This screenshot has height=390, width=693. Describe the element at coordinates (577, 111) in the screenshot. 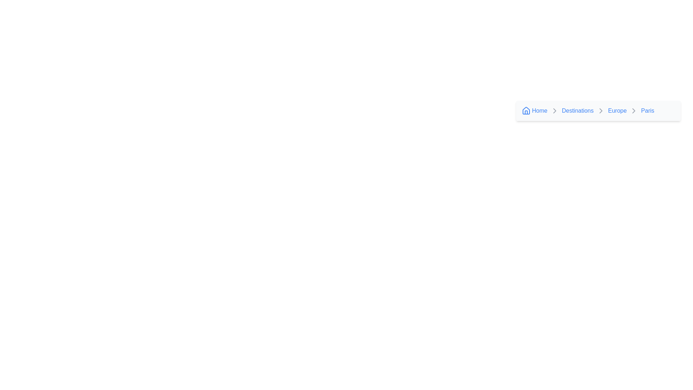

I see `the 'Destinations' hyperlink located in the breadcrumb navigation bar, which appears after the 'Home' label and before the 'Europe' label` at that location.